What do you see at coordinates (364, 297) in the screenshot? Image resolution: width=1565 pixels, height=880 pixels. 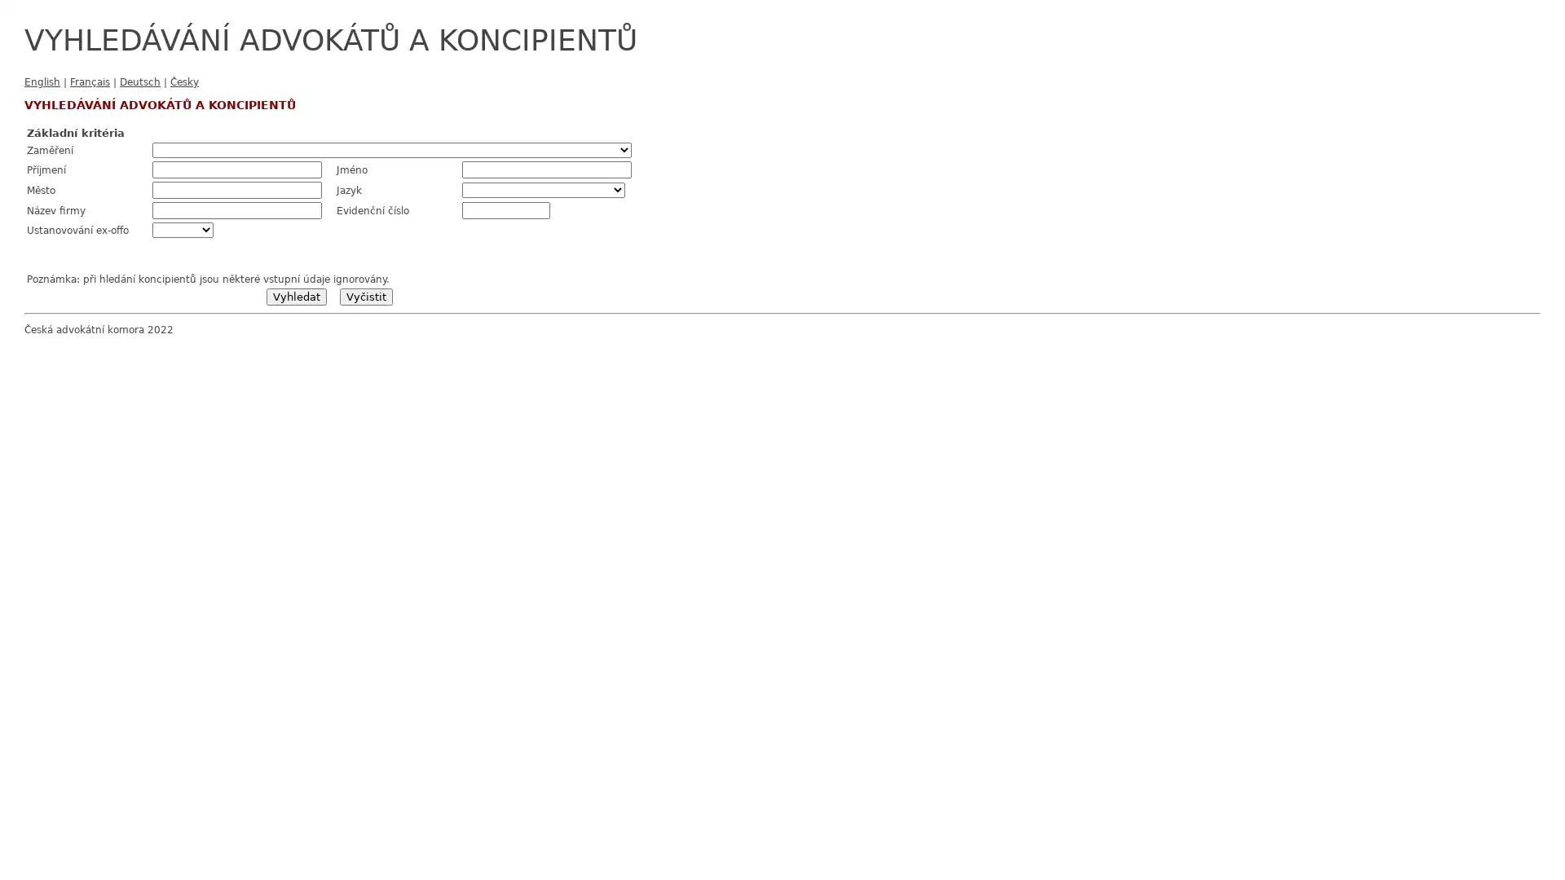 I see `Vycistit` at bounding box center [364, 297].